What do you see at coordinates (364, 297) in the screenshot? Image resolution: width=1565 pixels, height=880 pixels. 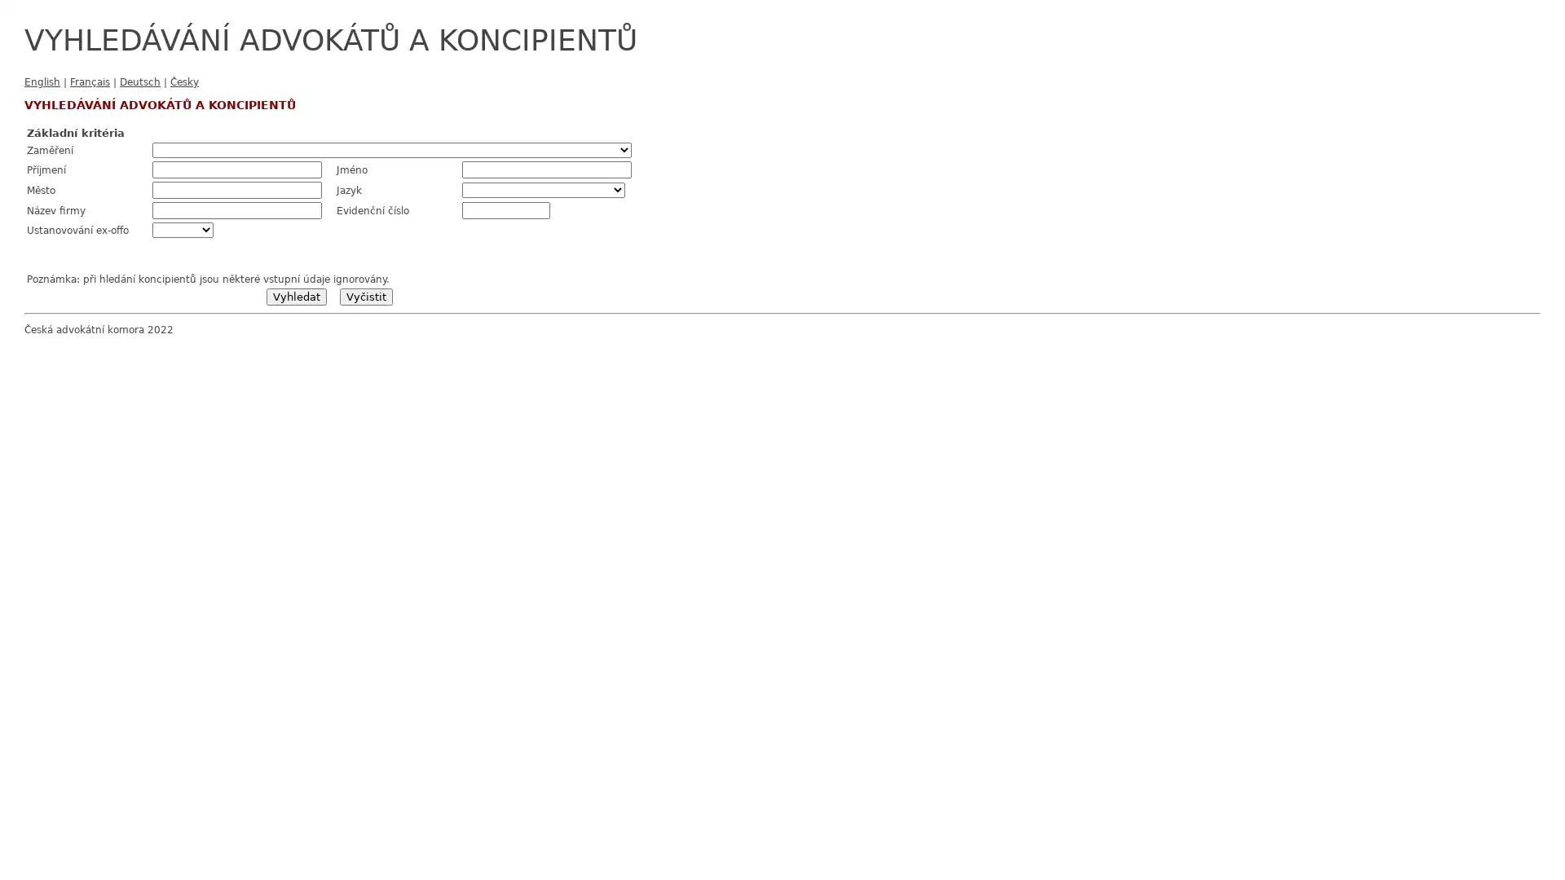 I see `Vycistit` at bounding box center [364, 297].